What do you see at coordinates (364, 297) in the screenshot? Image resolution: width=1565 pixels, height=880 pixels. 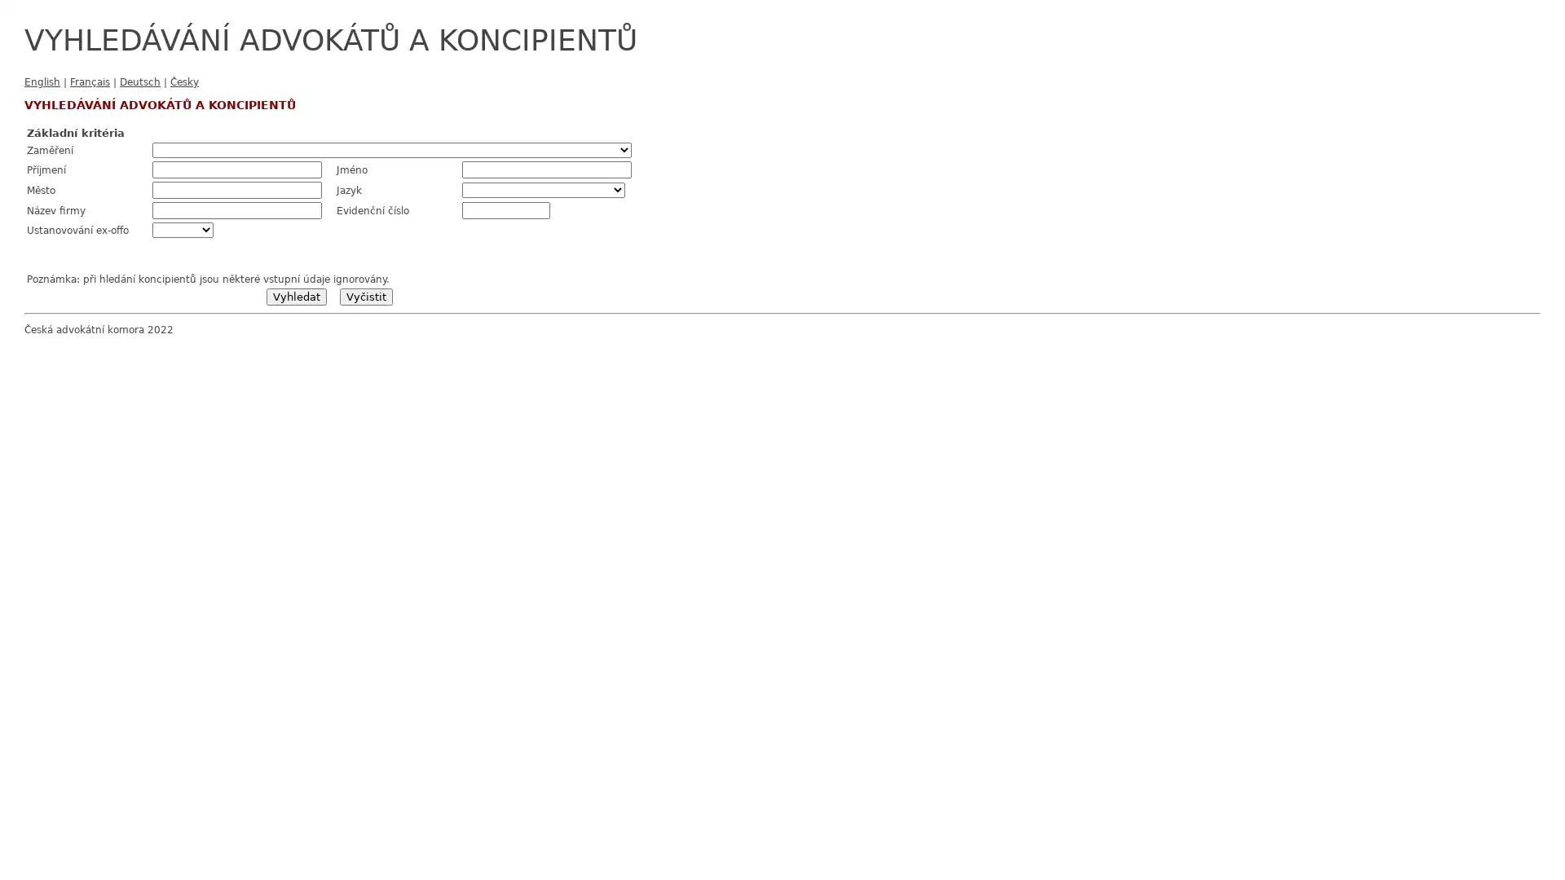 I see `Vycistit` at bounding box center [364, 297].